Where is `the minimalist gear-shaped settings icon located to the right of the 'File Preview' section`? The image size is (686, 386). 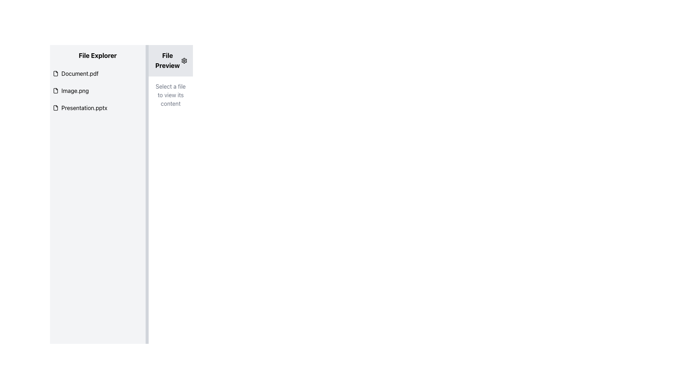 the minimalist gear-shaped settings icon located to the right of the 'File Preview' section is located at coordinates (184, 60).